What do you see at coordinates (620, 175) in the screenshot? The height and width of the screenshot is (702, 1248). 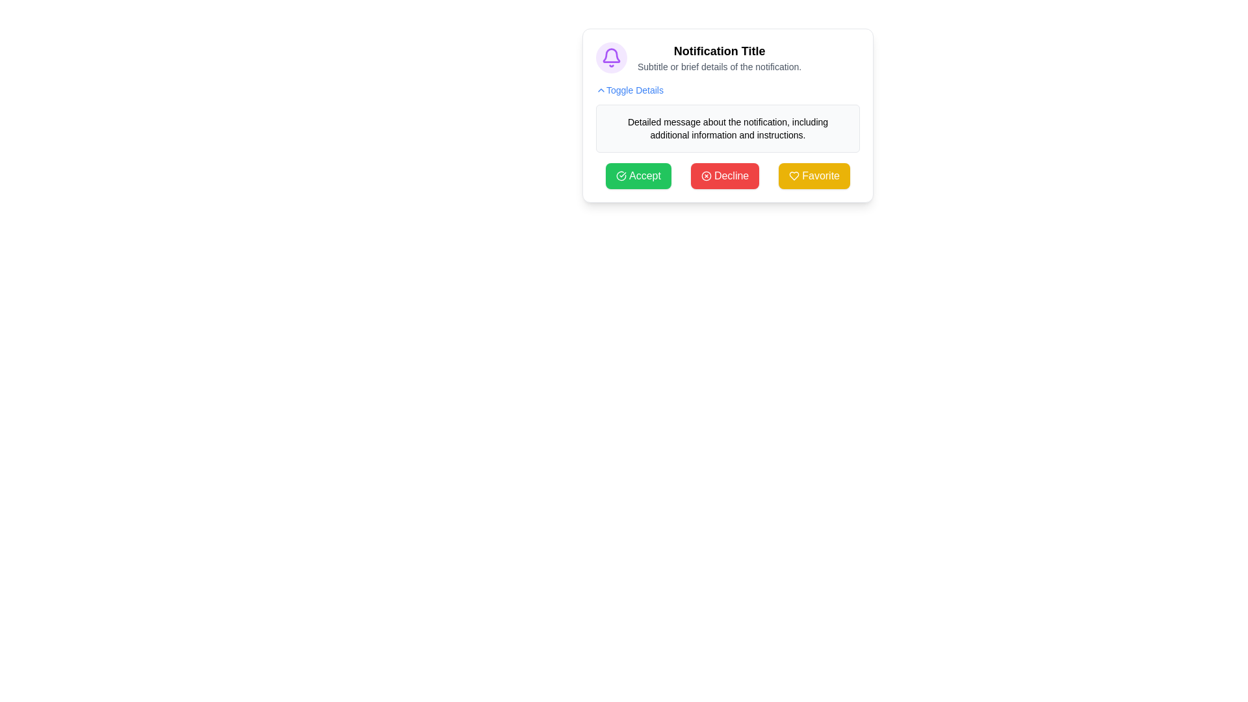 I see `the 'Accept' button located at the bottom of the notification card to confirm the action or agreement` at bounding box center [620, 175].